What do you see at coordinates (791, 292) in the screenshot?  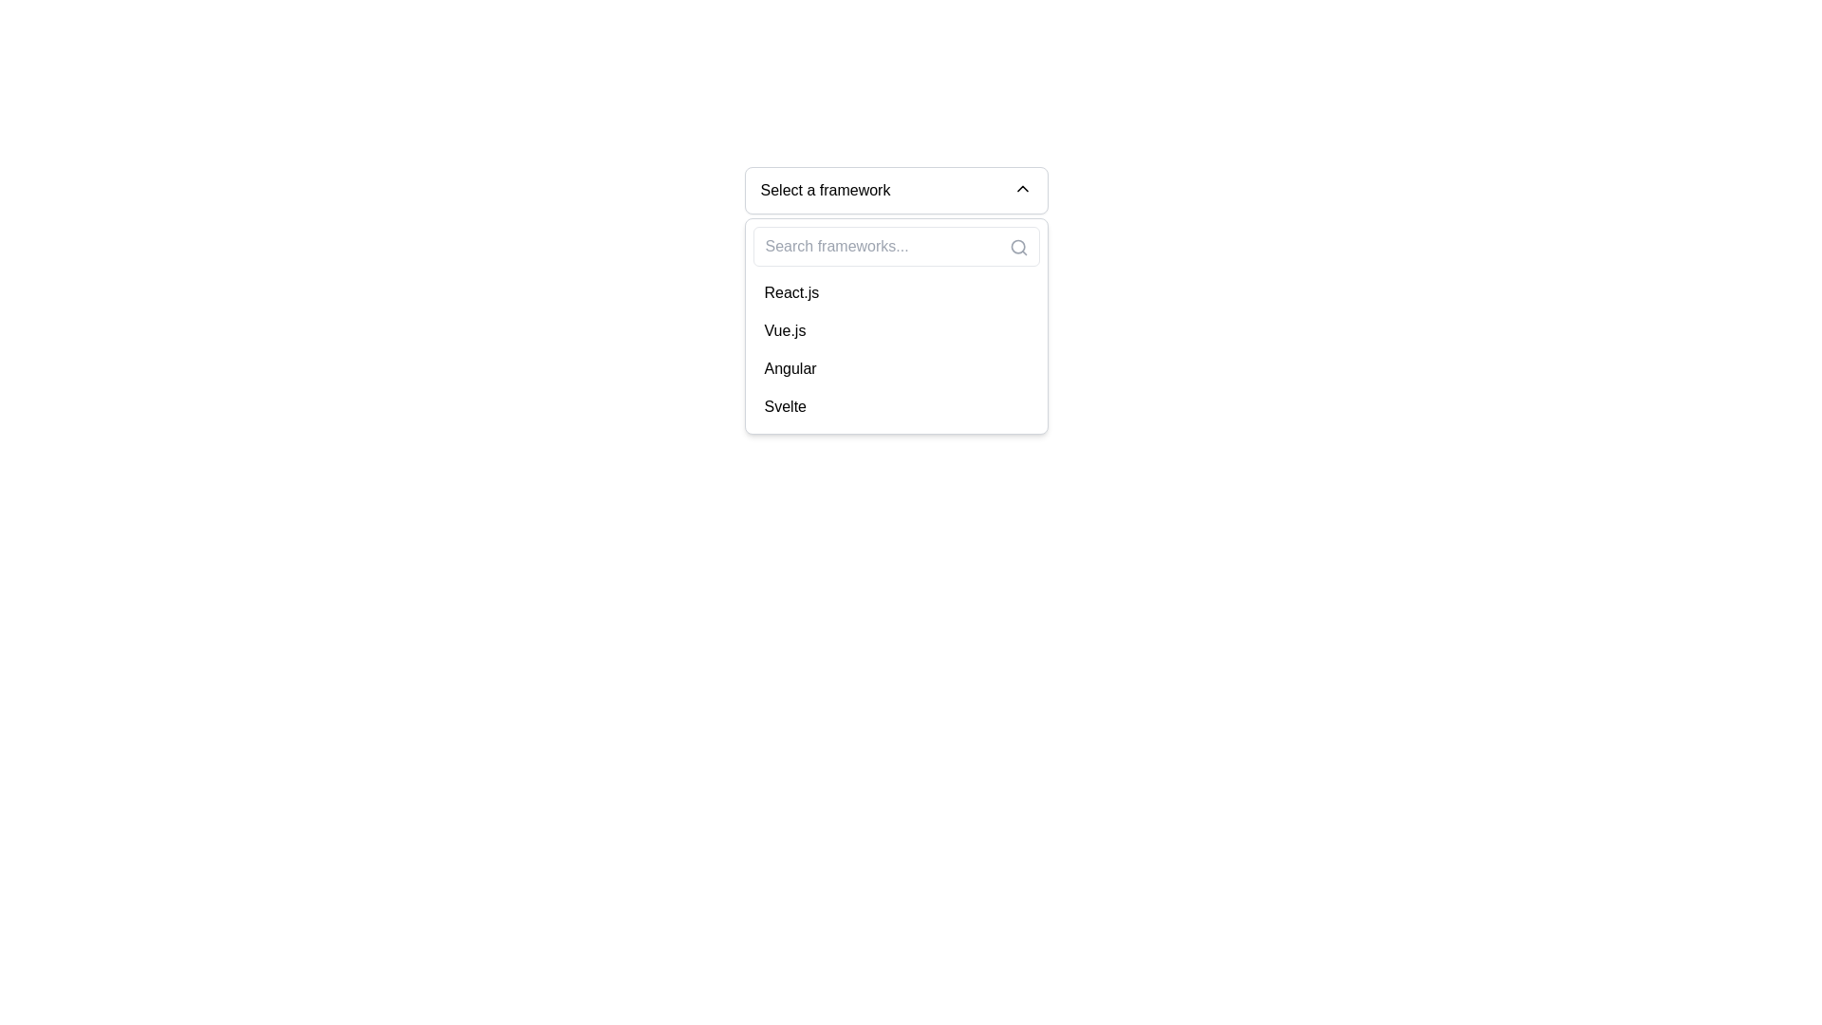 I see `the text 'React.js'` at bounding box center [791, 292].